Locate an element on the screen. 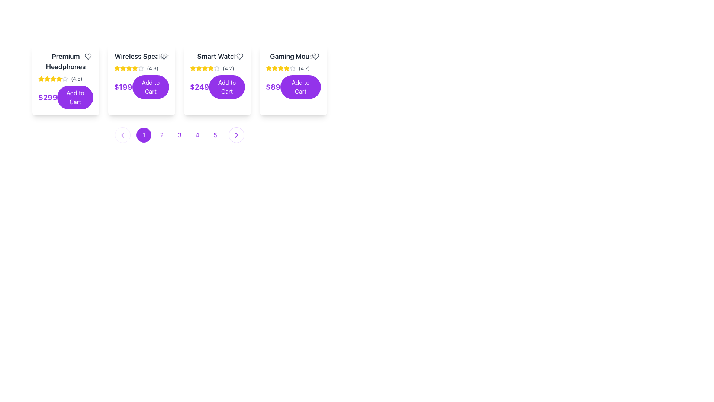  the first star-shaped icon filled with yellow color in the rating section of the Premium Headphones product card is located at coordinates (41, 79).